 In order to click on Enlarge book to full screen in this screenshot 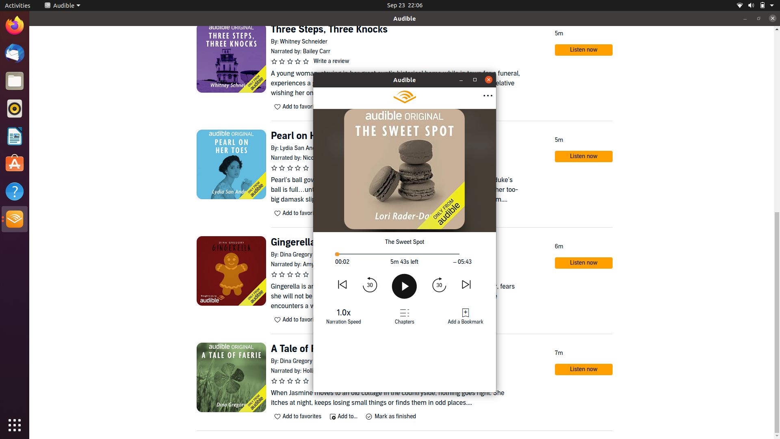, I will do `click(461, 80)`.